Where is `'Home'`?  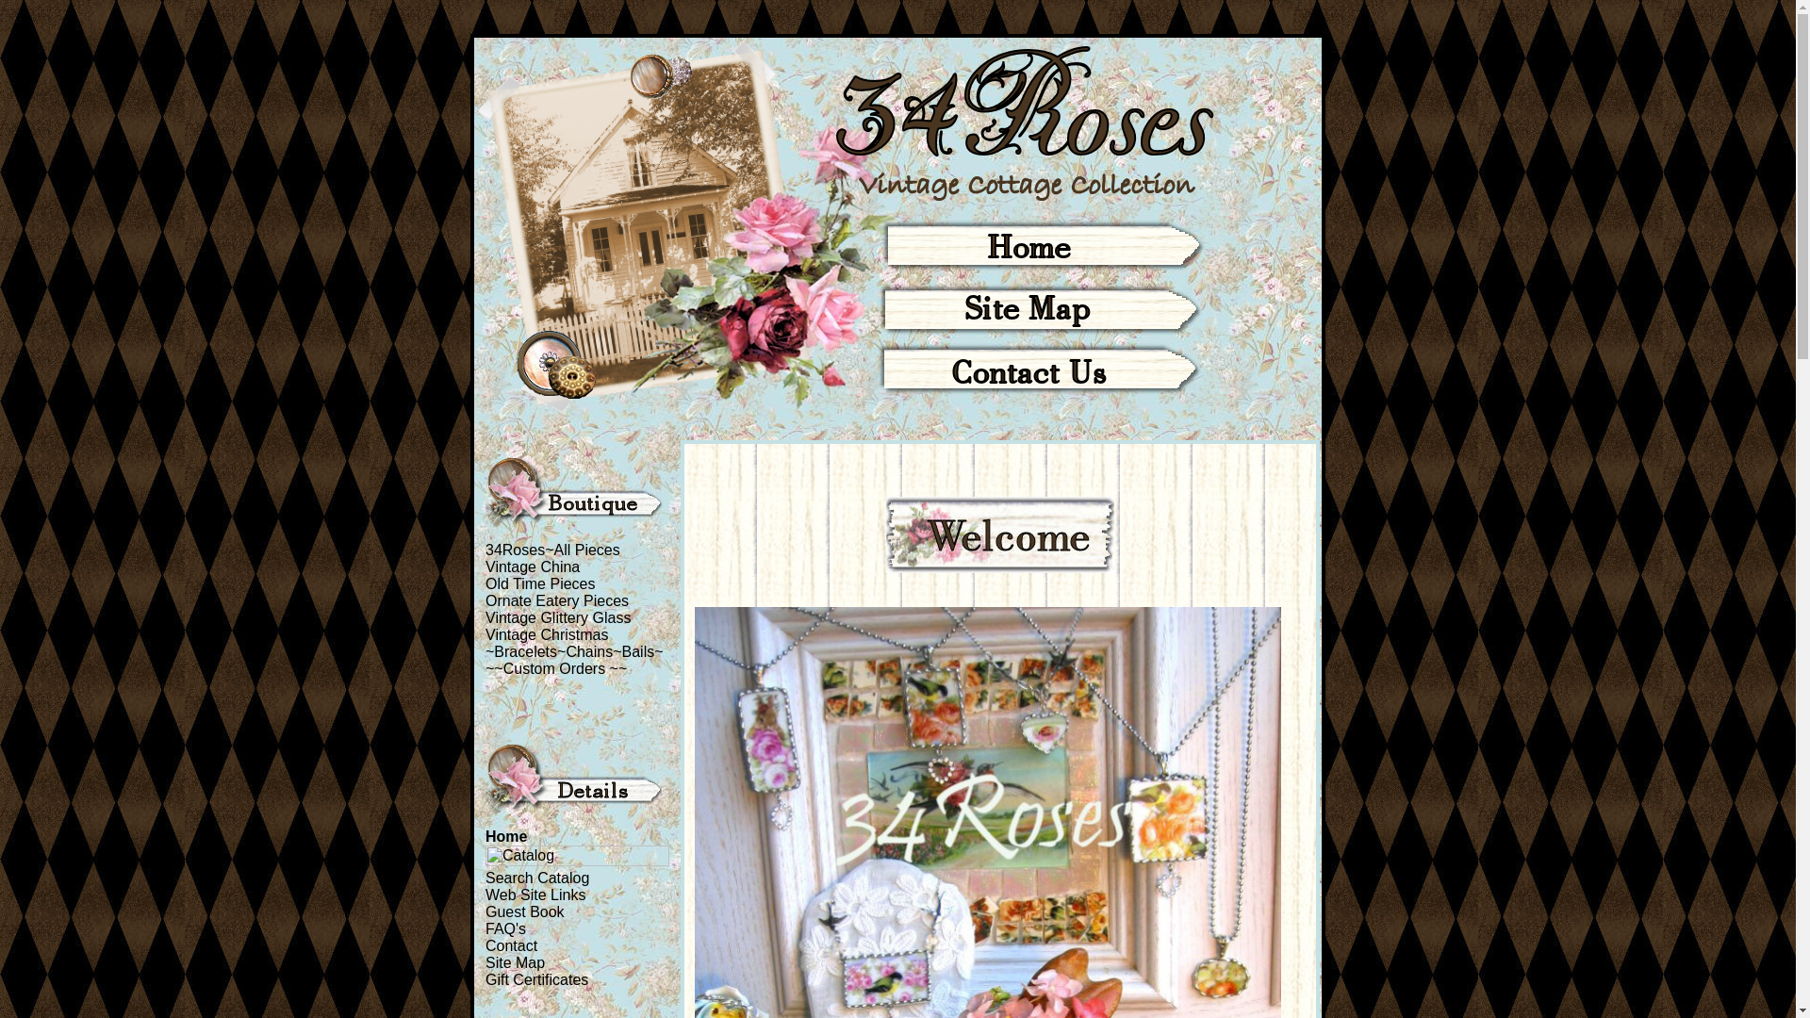 'Home' is located at coordinates (485, 835).